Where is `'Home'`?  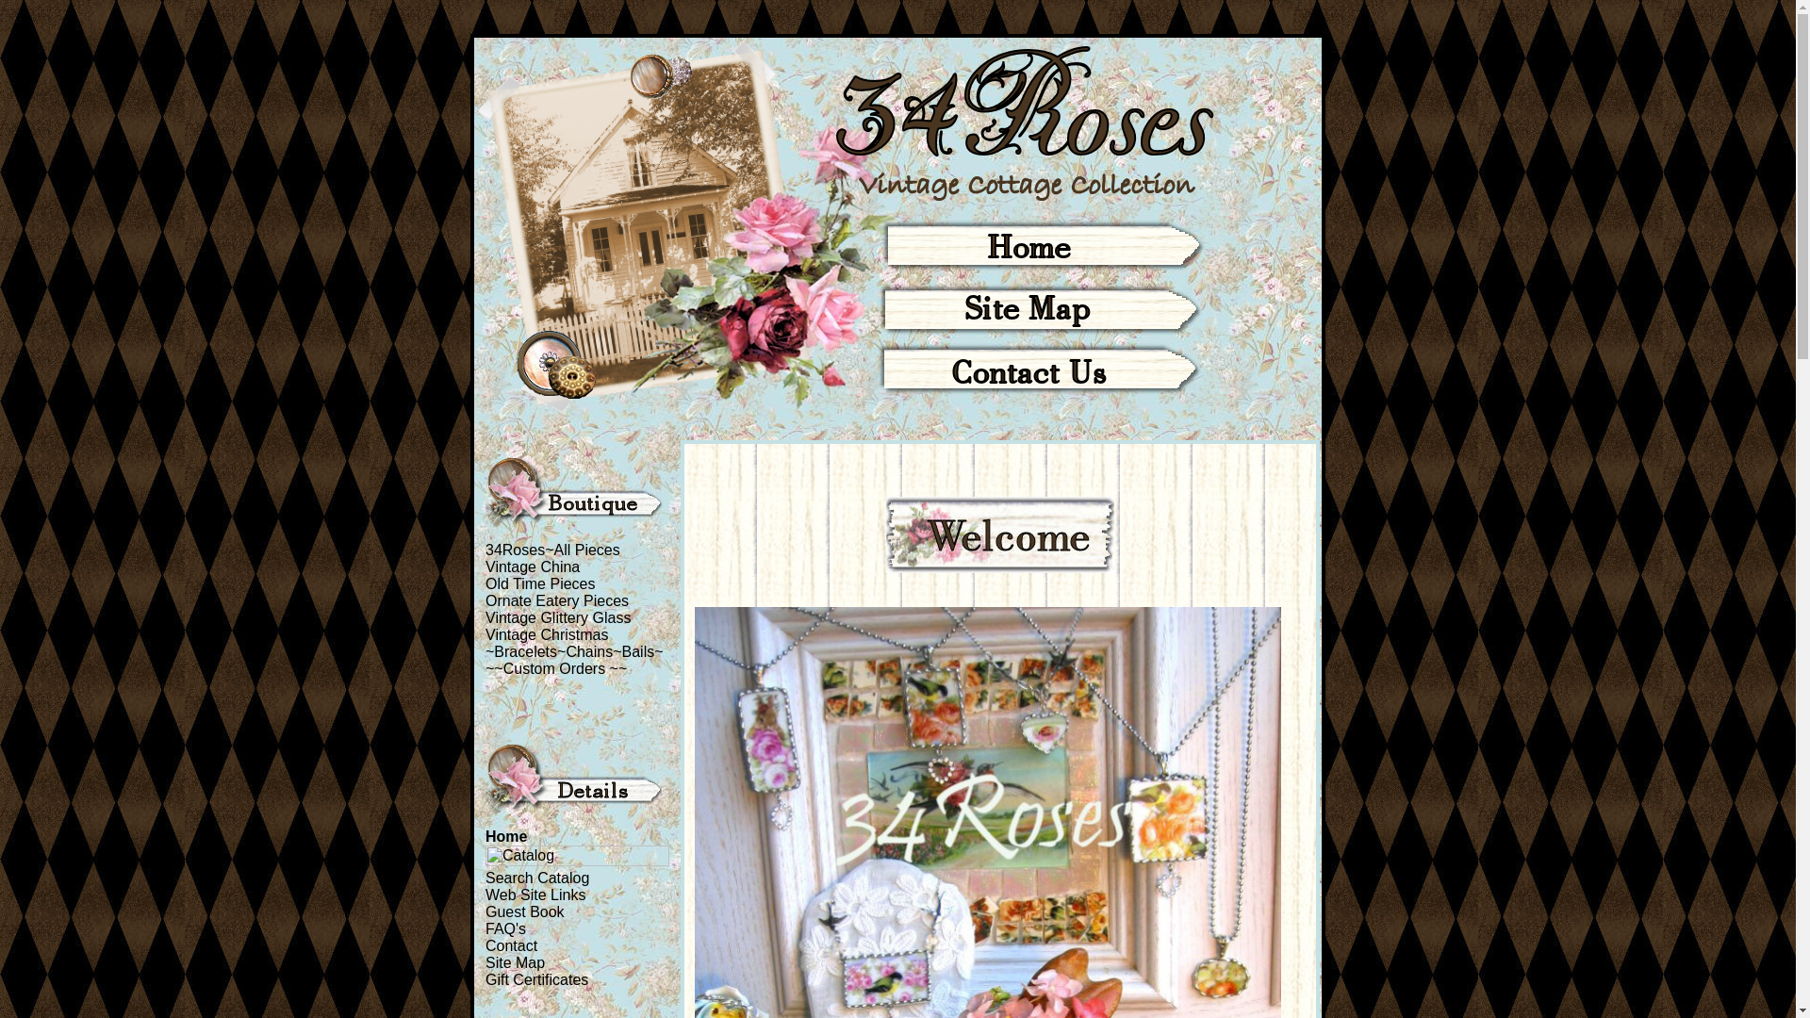 'Home' is located at coordinates (485, 835).